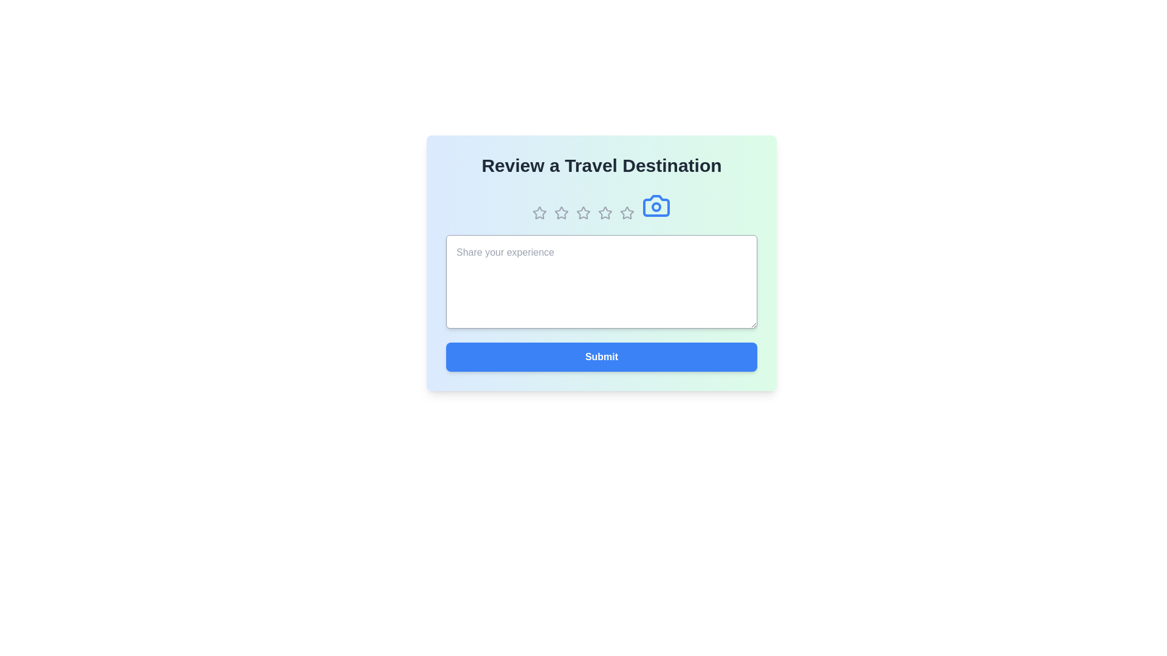  Describe the element at coordinates (601, 356) in the screenshot. I see `the submit button to submit the review` at that location.